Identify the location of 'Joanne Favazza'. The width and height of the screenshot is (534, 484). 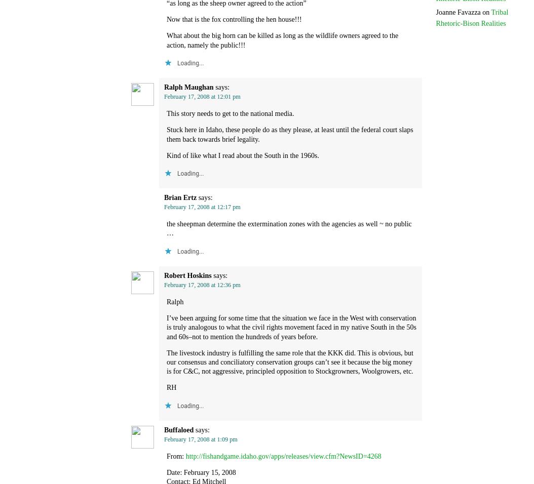
(457, 11).